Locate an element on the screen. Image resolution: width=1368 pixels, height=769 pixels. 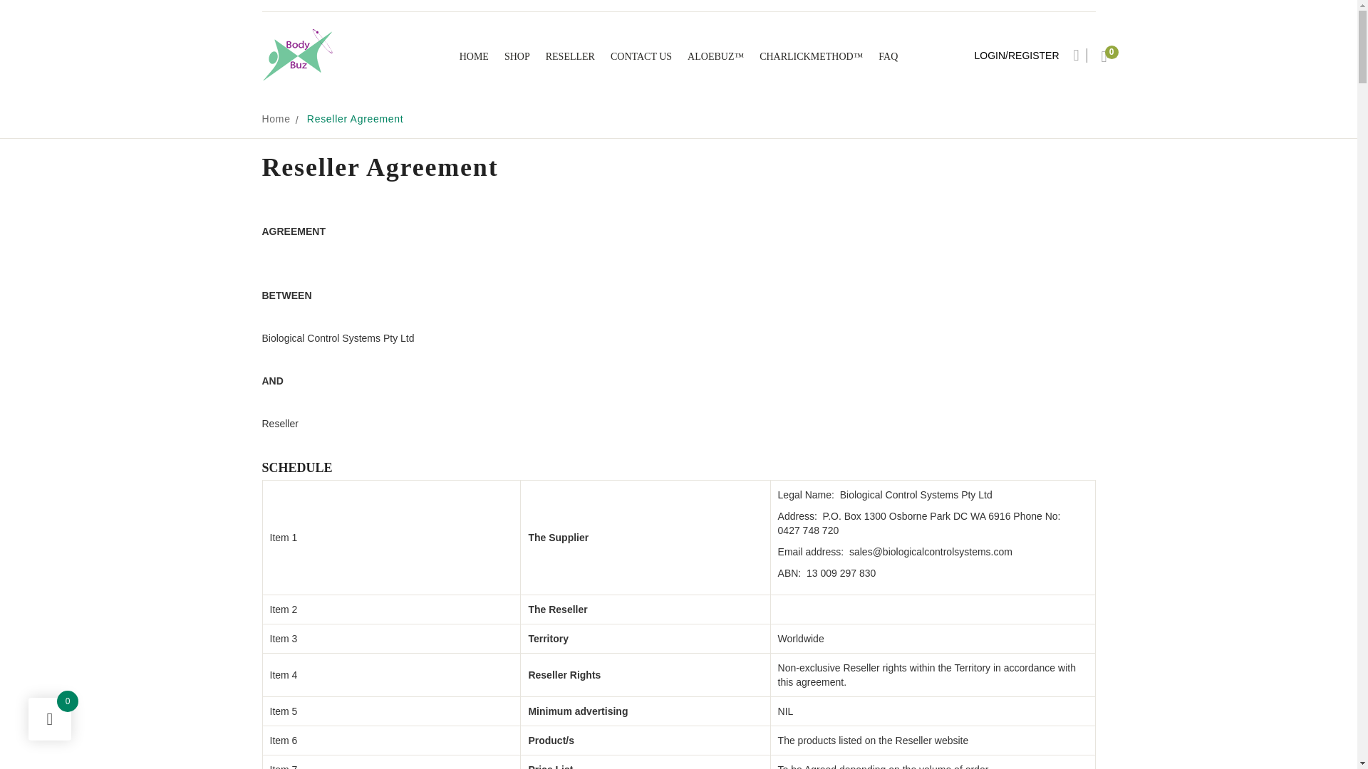
'HOME' is located at coordinates (474, 56).